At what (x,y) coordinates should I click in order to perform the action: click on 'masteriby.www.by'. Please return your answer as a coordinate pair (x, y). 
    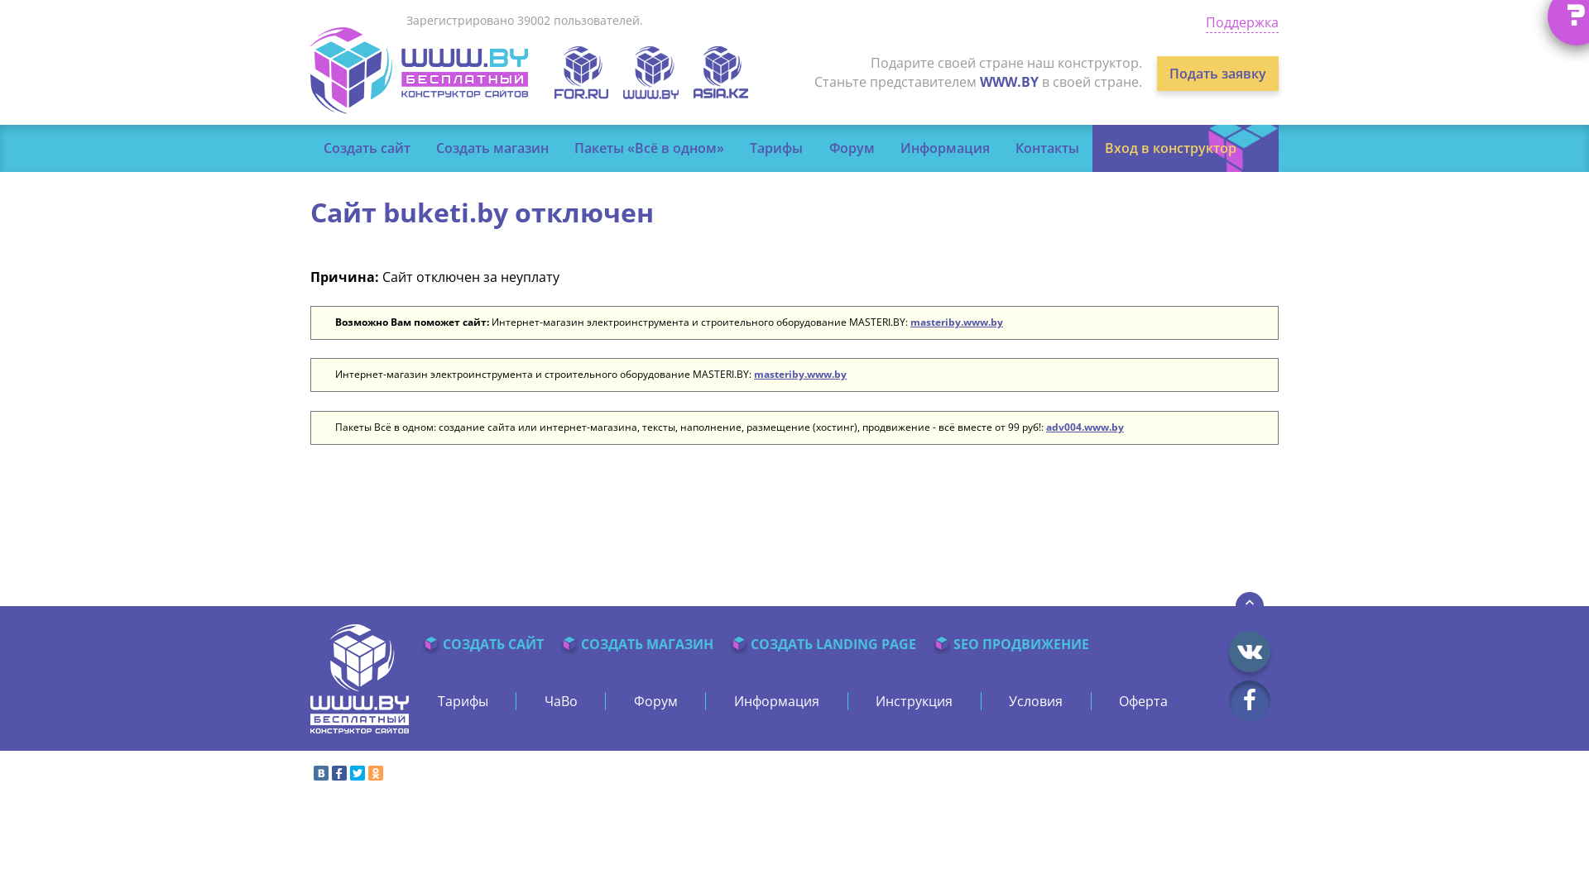
    Looking at the image, I should click on (799, 374).